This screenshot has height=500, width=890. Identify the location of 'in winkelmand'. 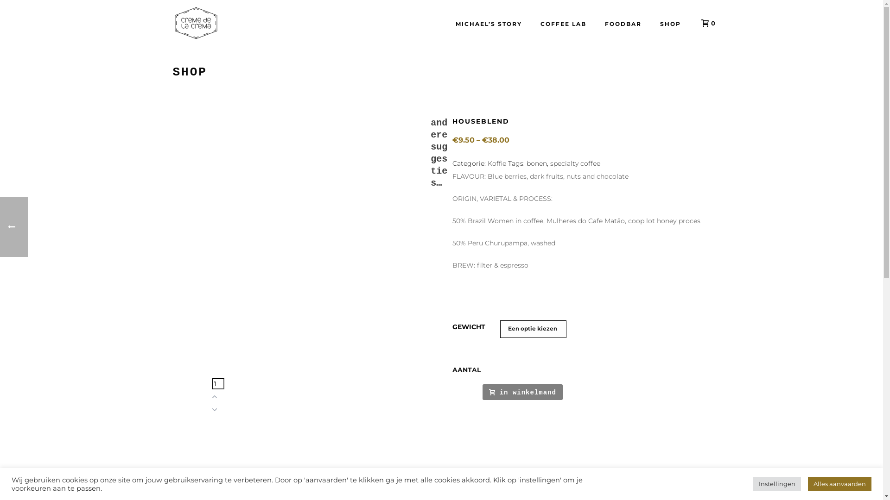
(522, 392).